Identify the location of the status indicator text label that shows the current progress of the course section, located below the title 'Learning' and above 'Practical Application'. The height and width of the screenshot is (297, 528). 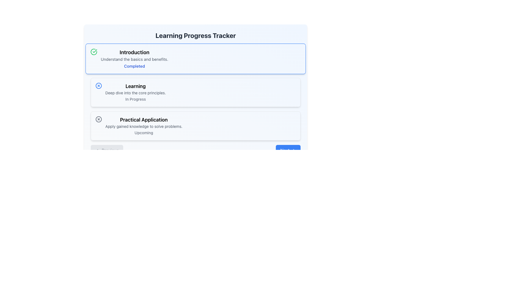
(136, 99).